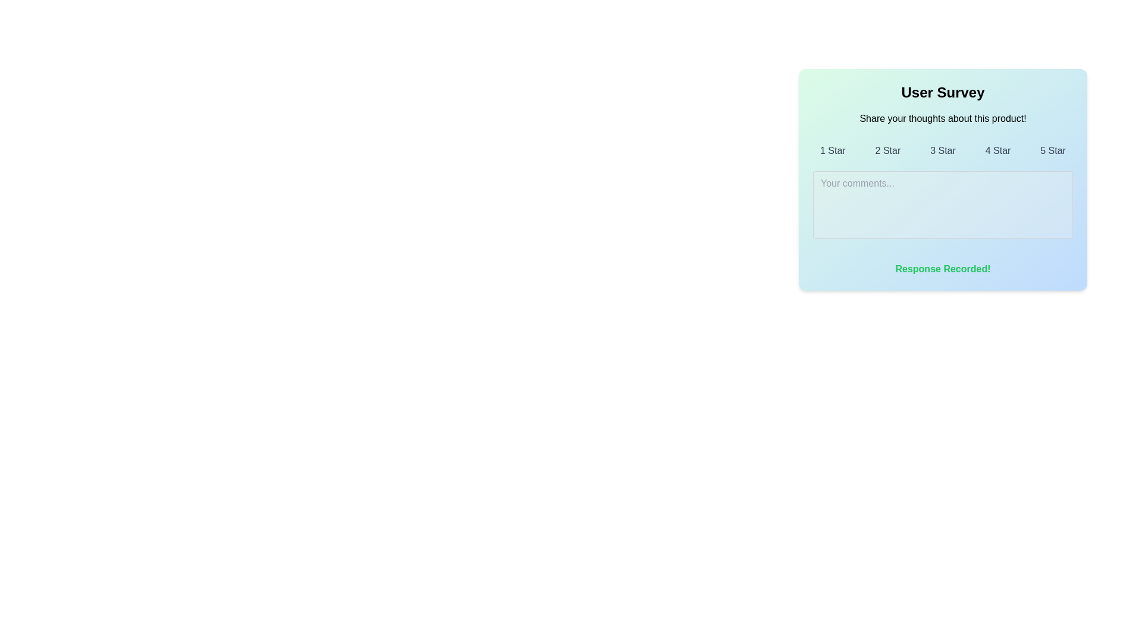 This screenshot has width=1142, height=642. Describe the element at coordinates (887, 150) in the screenshot. I see `the '2 Star' button in the rating interface` at that location.